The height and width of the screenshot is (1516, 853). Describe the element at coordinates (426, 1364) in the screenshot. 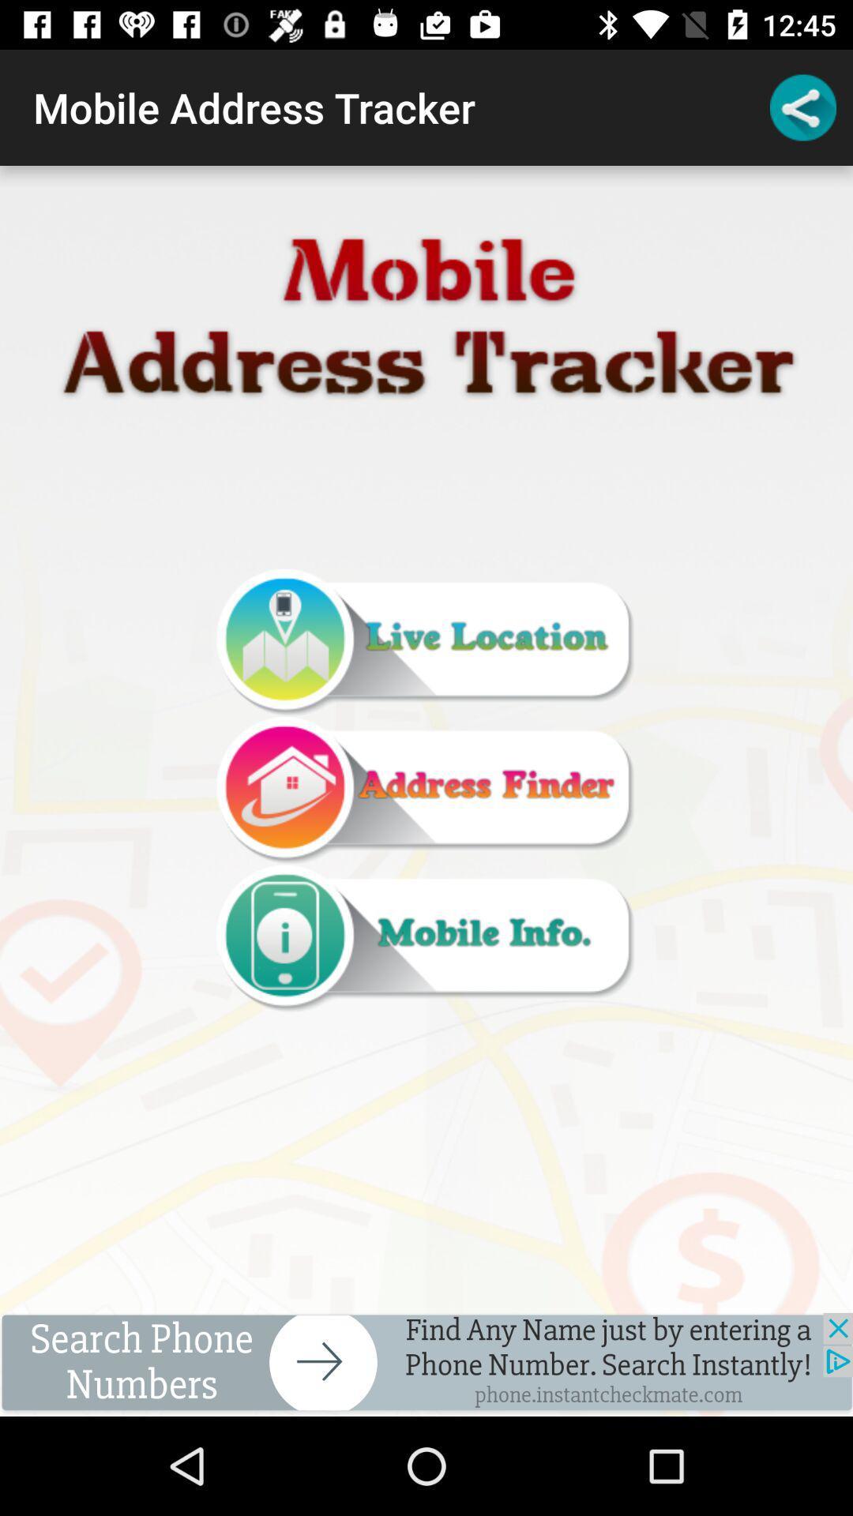

I see `open advertisement` at that location.